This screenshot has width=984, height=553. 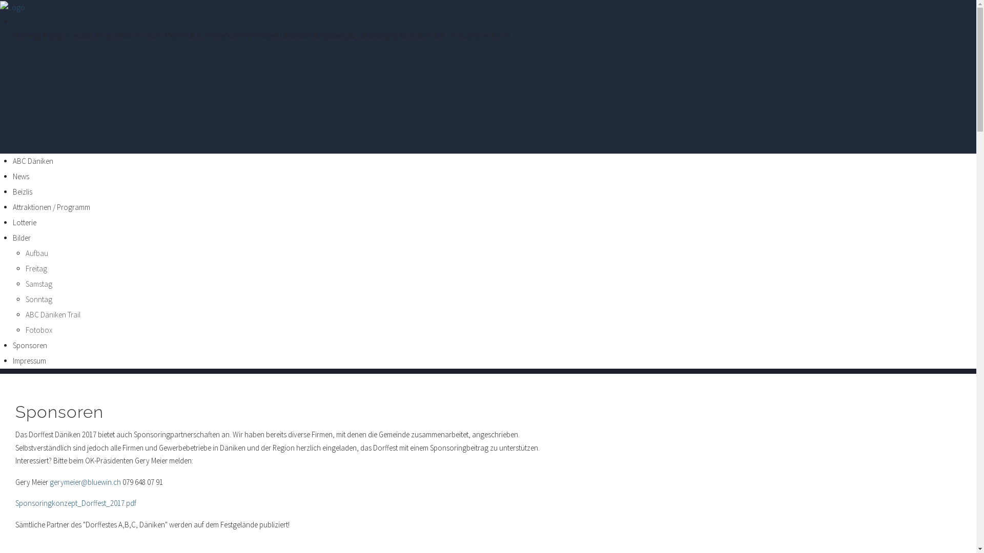 I want to click on 'Sponsoren', so click(x=58, y=411).